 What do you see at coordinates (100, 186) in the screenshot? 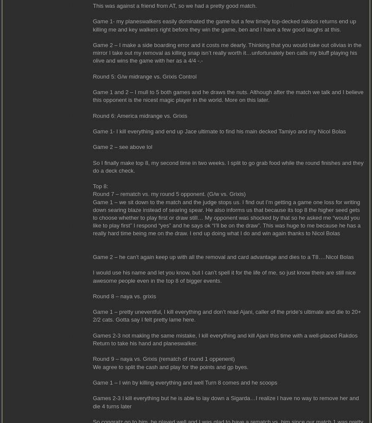
I see `'Top 8:'` at bounding box center [100, 186].